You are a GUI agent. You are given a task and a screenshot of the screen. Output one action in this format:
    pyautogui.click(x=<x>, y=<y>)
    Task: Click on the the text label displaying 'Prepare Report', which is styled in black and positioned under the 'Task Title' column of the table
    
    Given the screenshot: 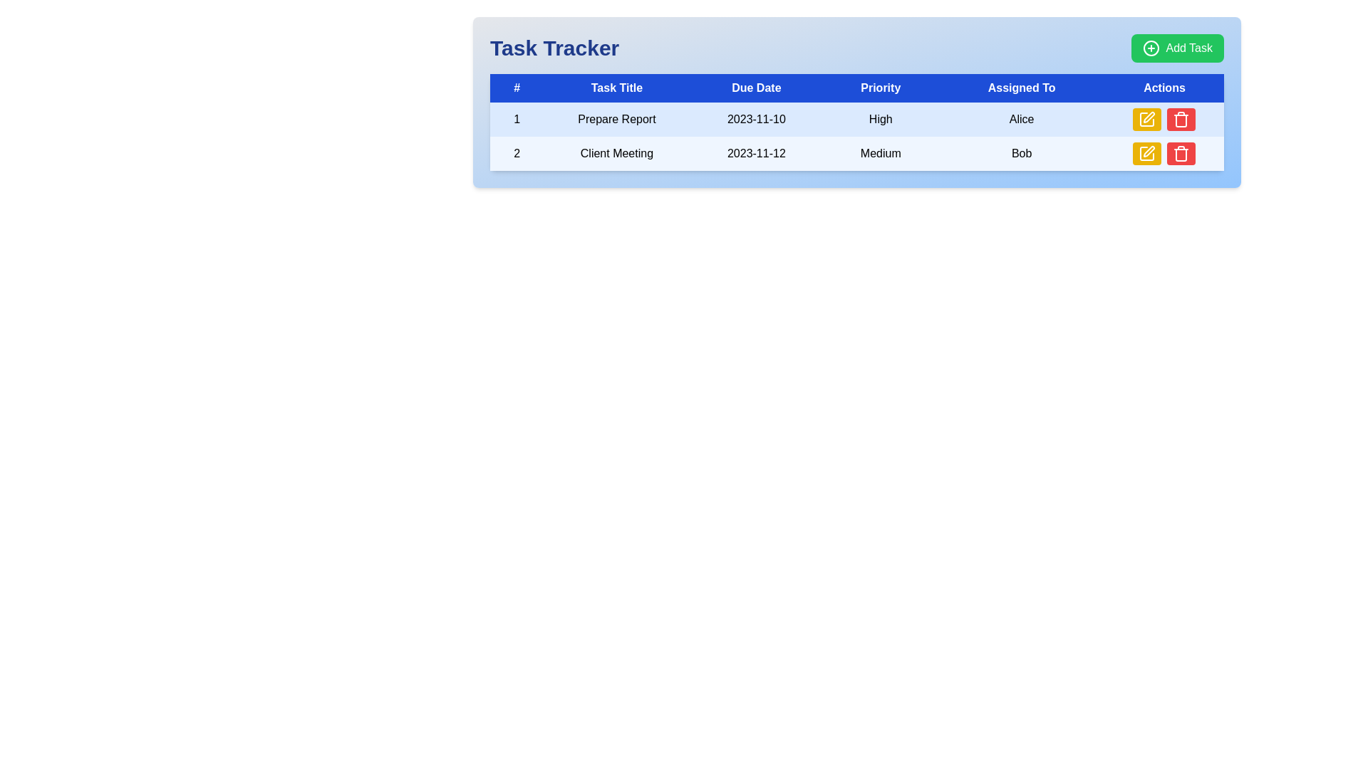 What is the action you would take?
    pyautogui.click(x=616, y=119)
    